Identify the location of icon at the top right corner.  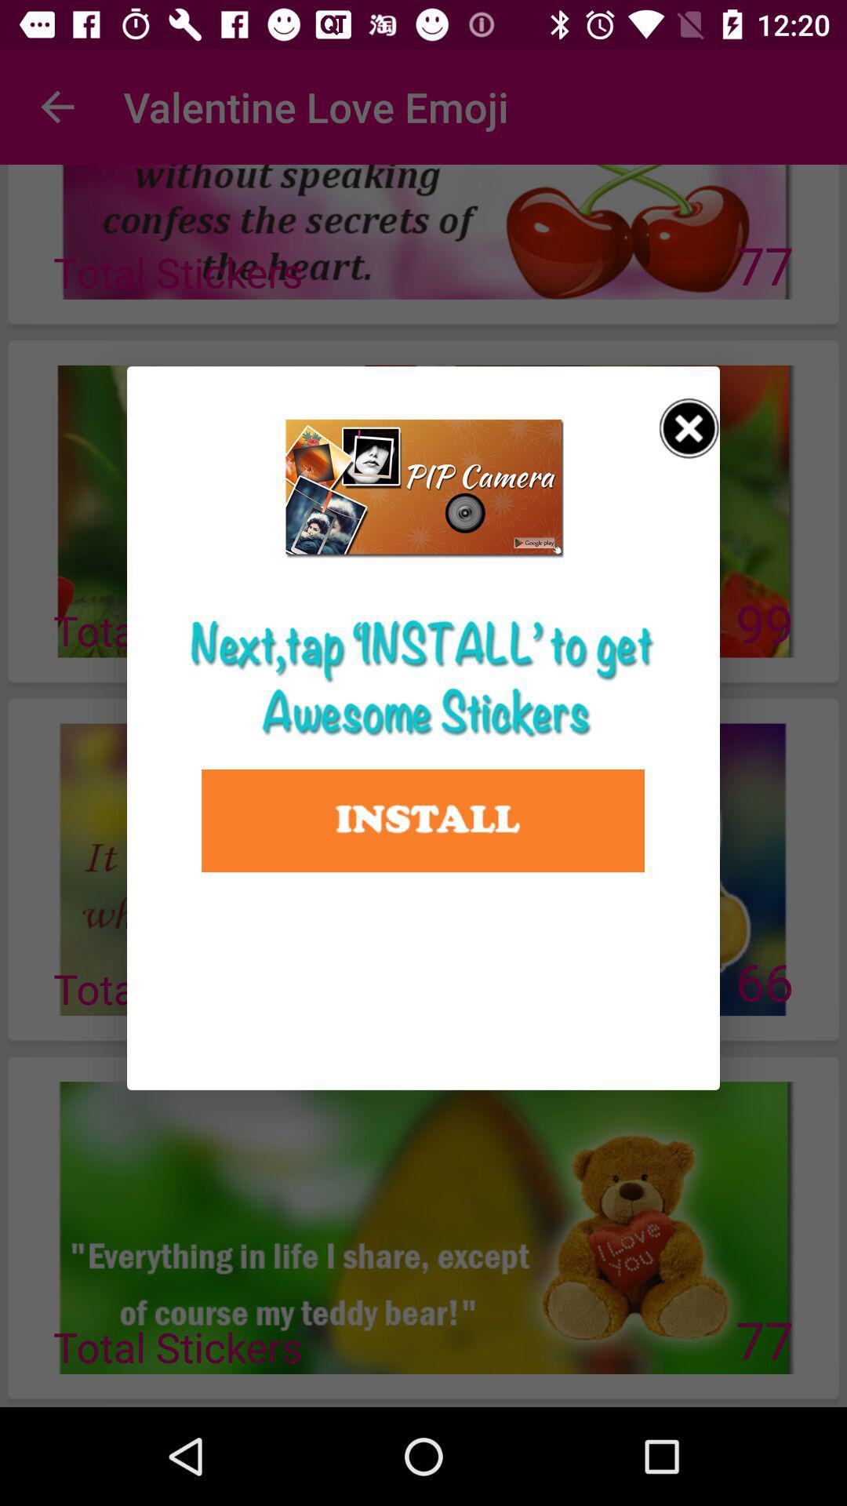
(689, 428).